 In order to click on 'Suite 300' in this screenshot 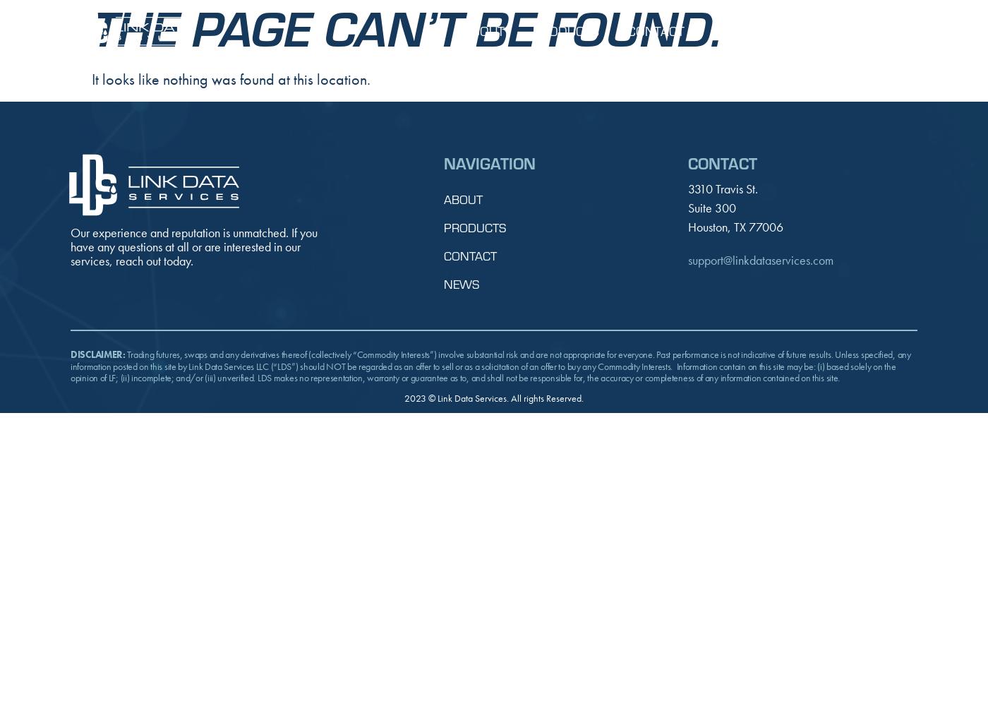, I will do `click(711, 207)`.